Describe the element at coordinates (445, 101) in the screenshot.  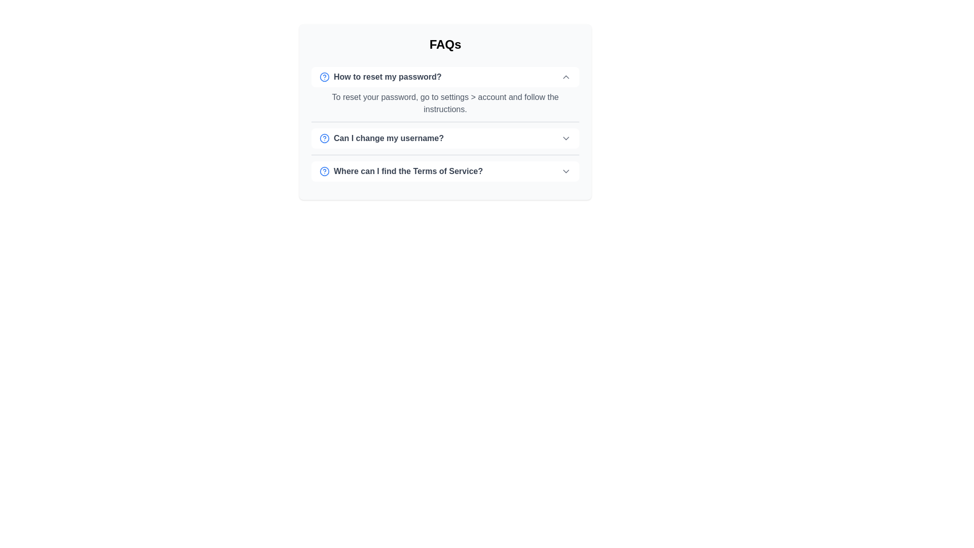
I see `the text information element that provides instructions on resetting a password, located below the question 'How to reset my password?' in the FAQ section` at that location.